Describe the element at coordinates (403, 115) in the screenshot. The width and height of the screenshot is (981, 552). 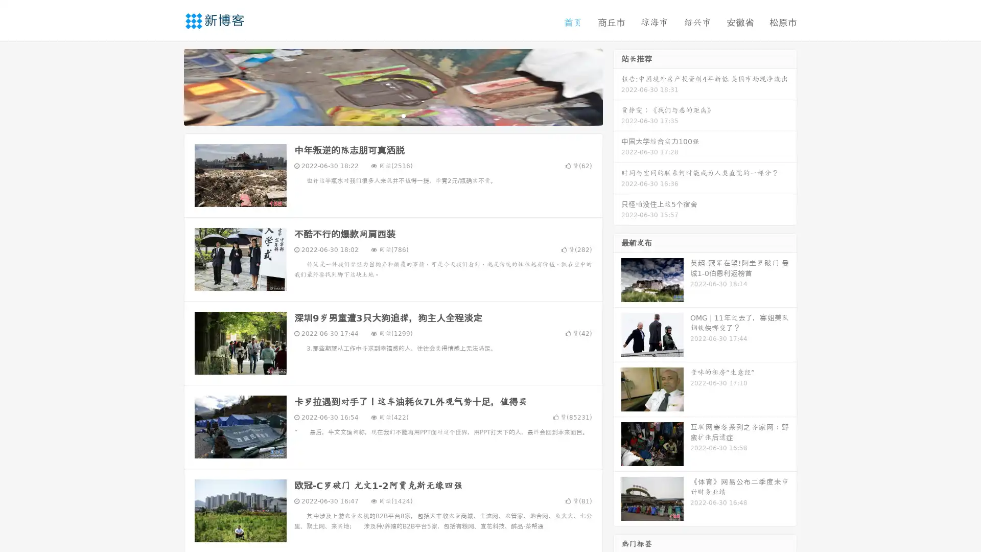
I see `Go to slide 3` at that location.